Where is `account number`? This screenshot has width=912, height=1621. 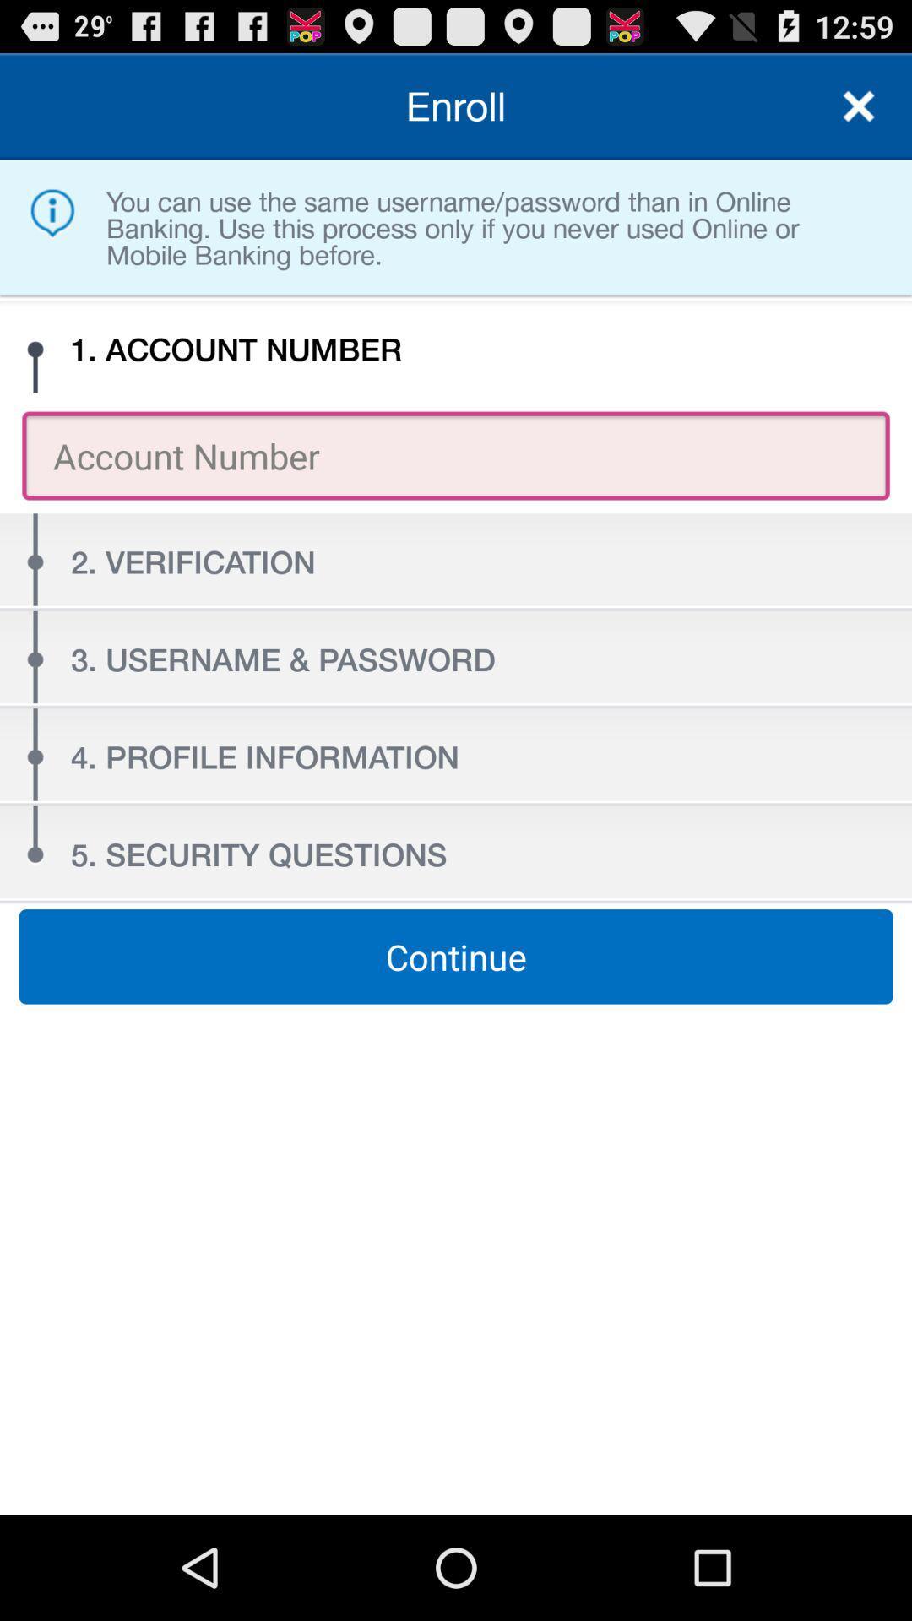
account number is located at coordinates (859, 105).